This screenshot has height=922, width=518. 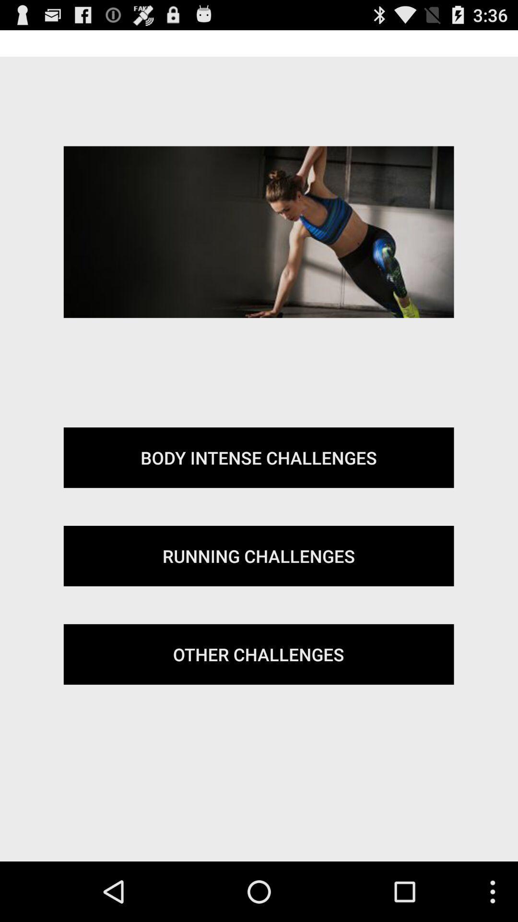 I want to click on icon below running challenges, so click(x=258, y=654).